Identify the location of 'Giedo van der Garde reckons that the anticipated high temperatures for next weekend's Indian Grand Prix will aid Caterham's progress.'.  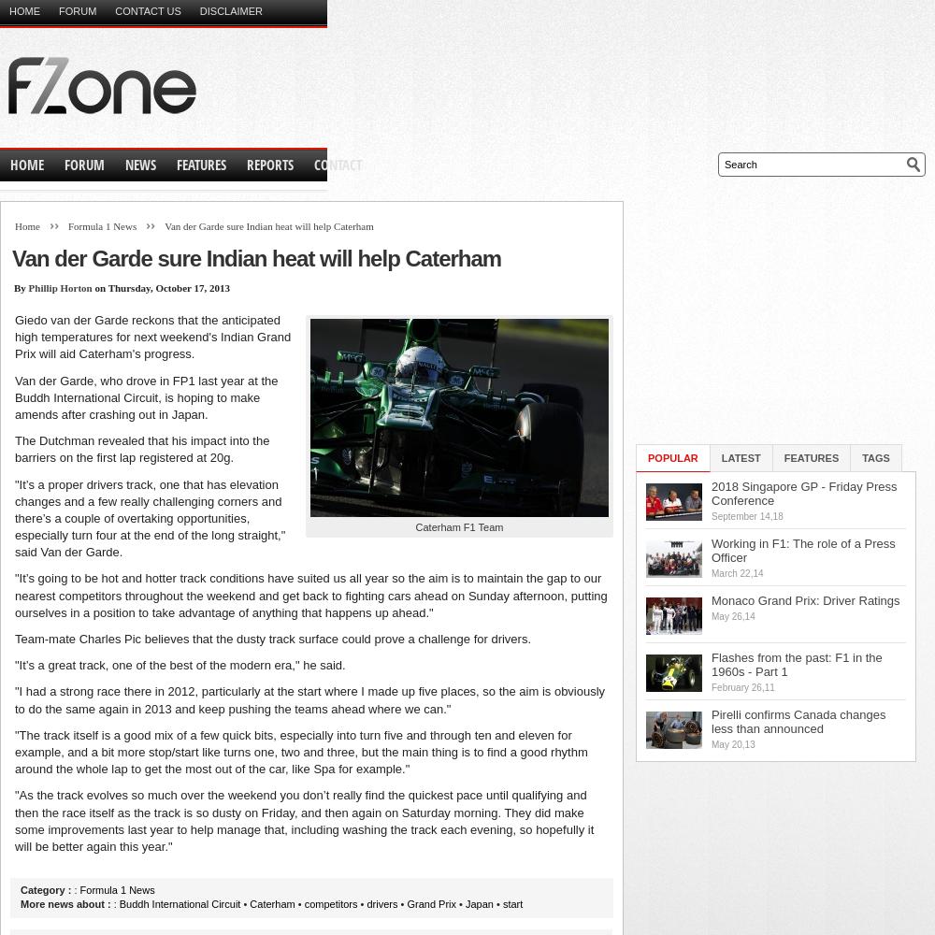
(152, 336).